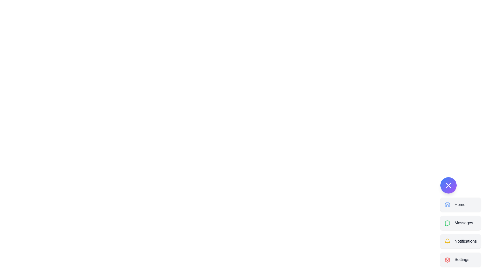  Describe the element at coordinates (448, 185) in the screenshot. I see `the close button, which is an icon within a circular button located near the bottom-right corner of the interface, above the options 'Home', 'Messages', 'Notifications', and 'Settings'` at that location.